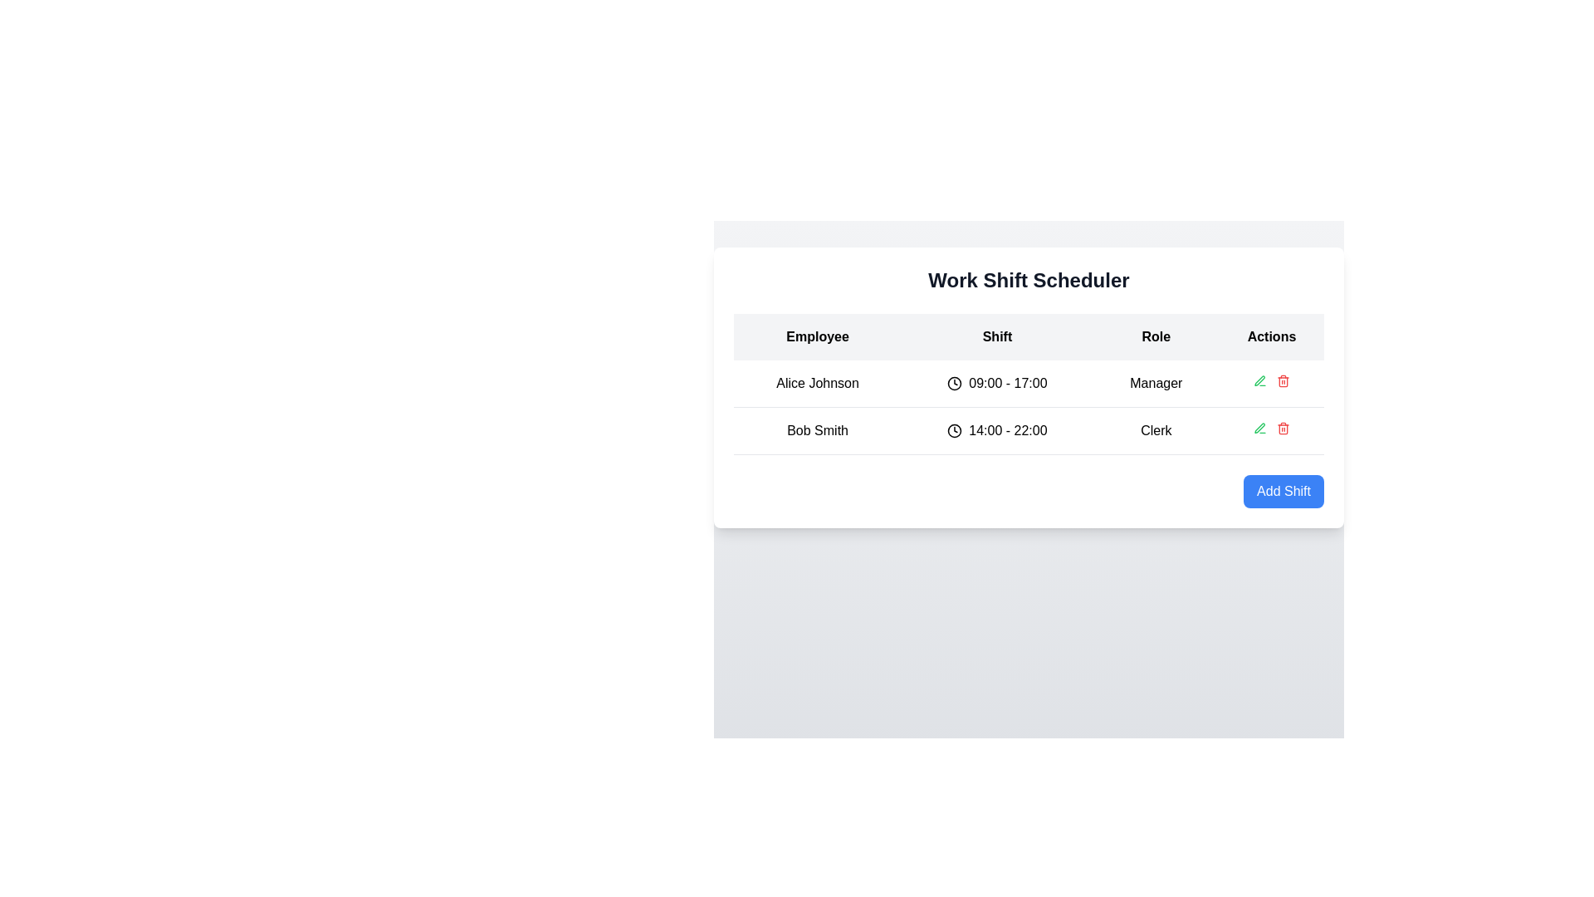 The width and height of the screenshot is (1594, 897). I want to click on the edit icon in the Actions column of the second row in the 'Work Shift Scheduler' table, so click(1259, 427).